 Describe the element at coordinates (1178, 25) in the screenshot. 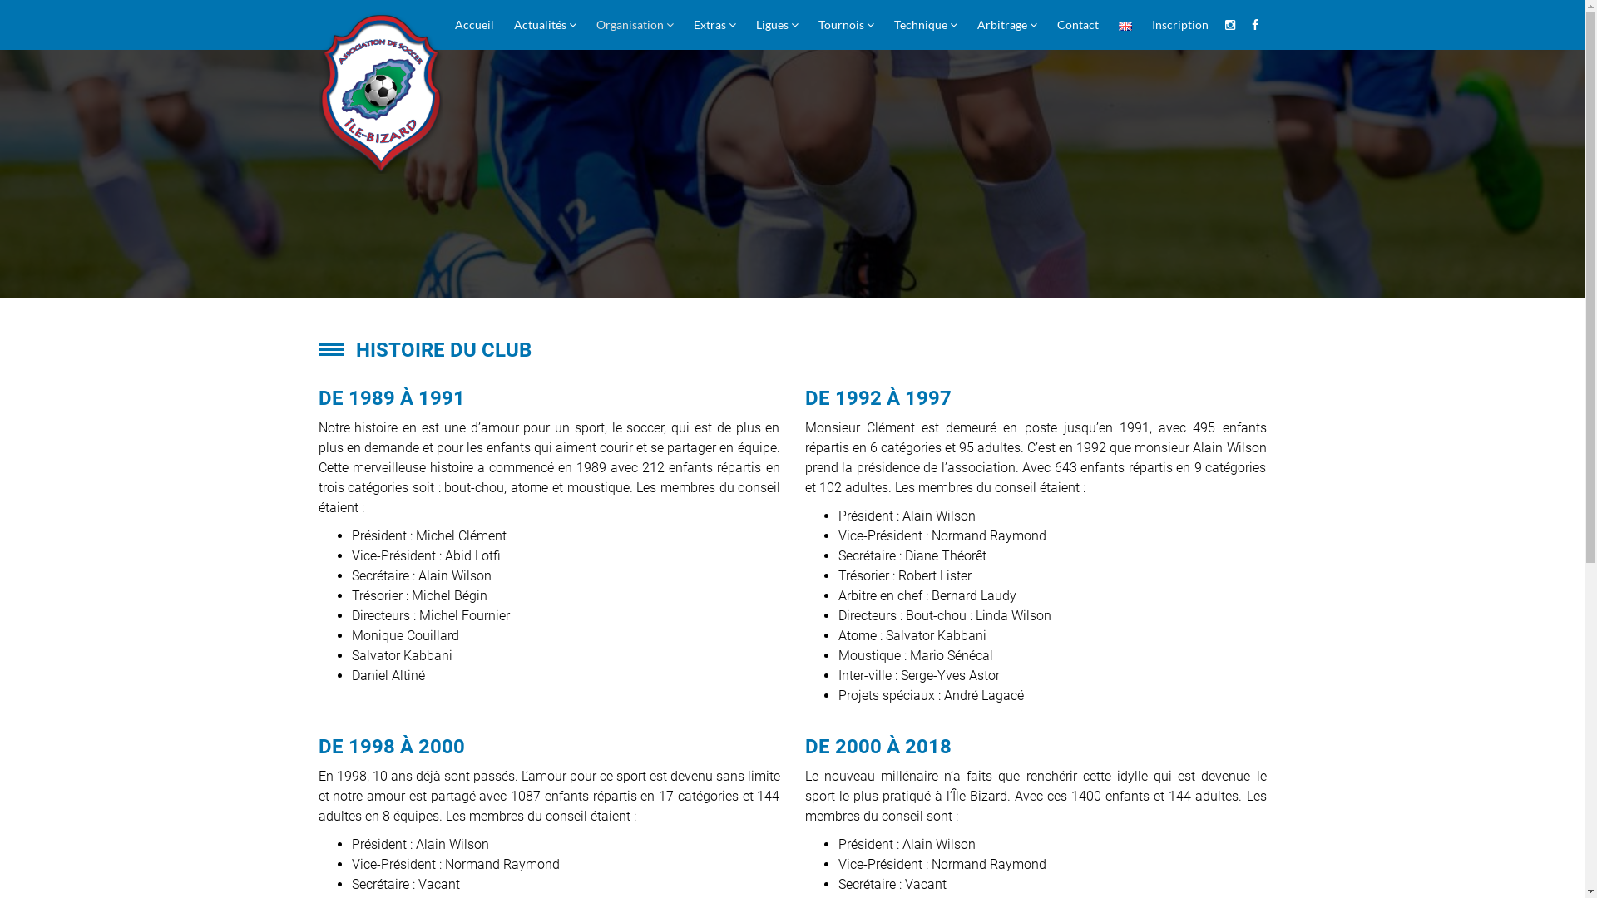

I see `'Inscription'` at that location.